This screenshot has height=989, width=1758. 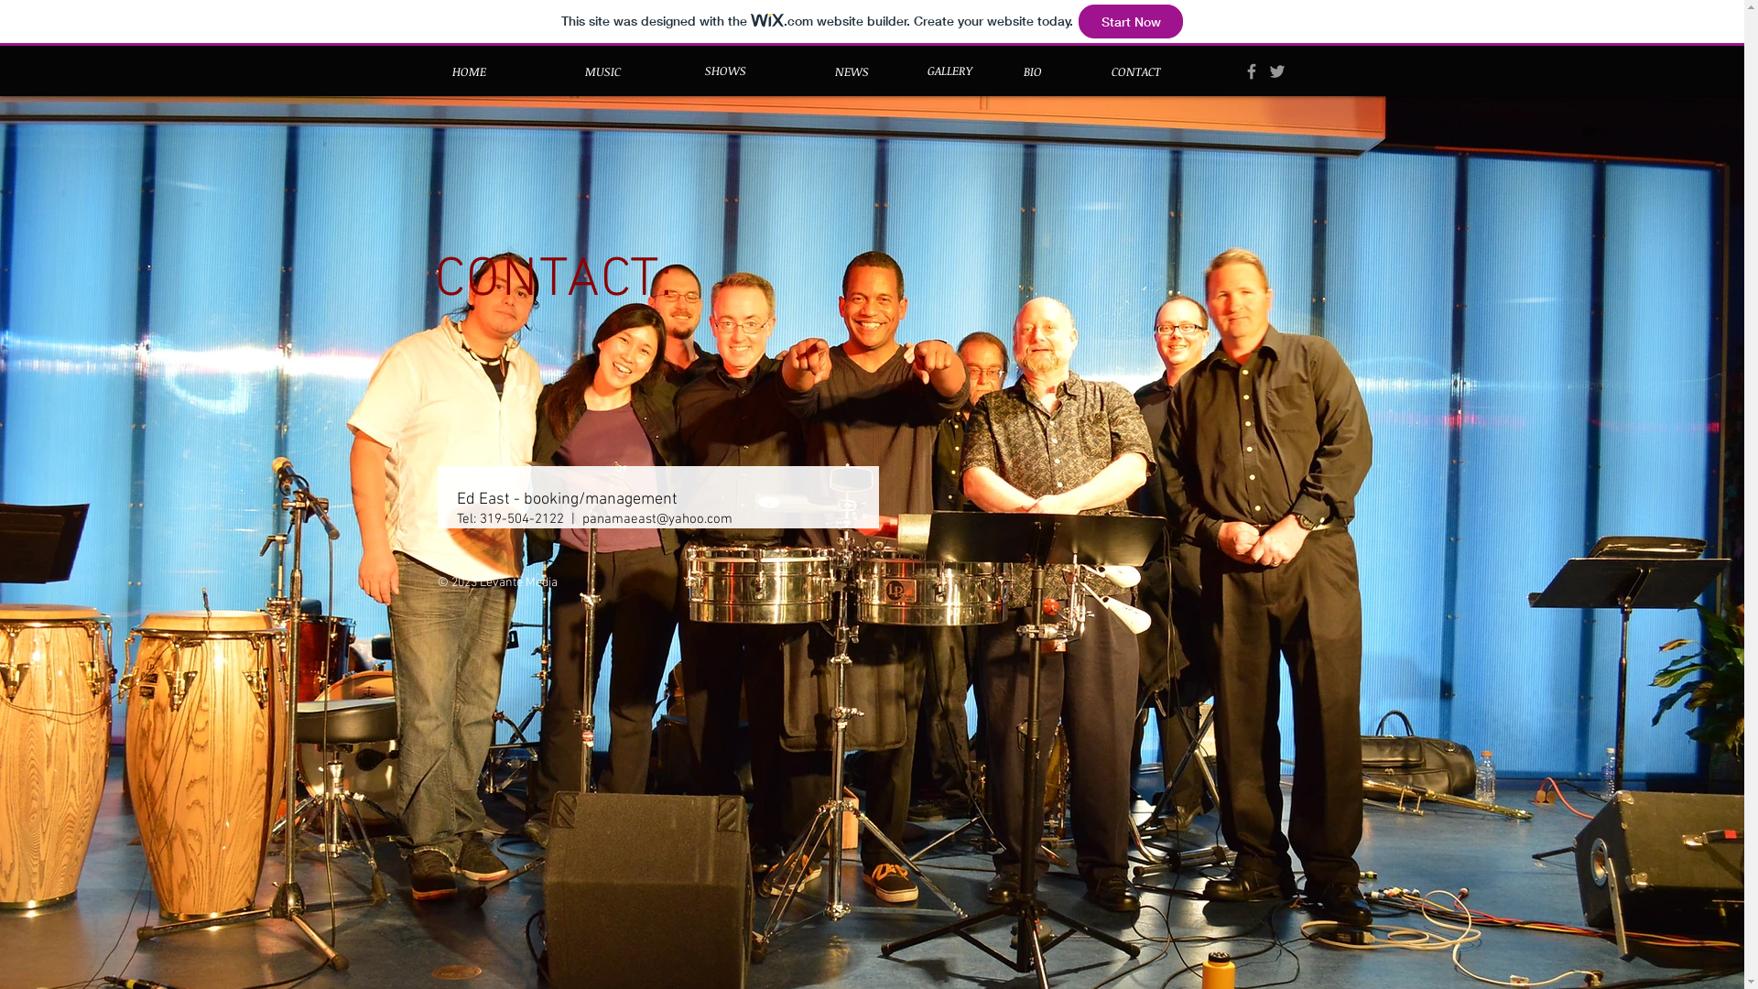 What do you see at coordinates (1134, 70) in the screenshot?
I see `'CONTACT'` at bounding box center [1134, 70].